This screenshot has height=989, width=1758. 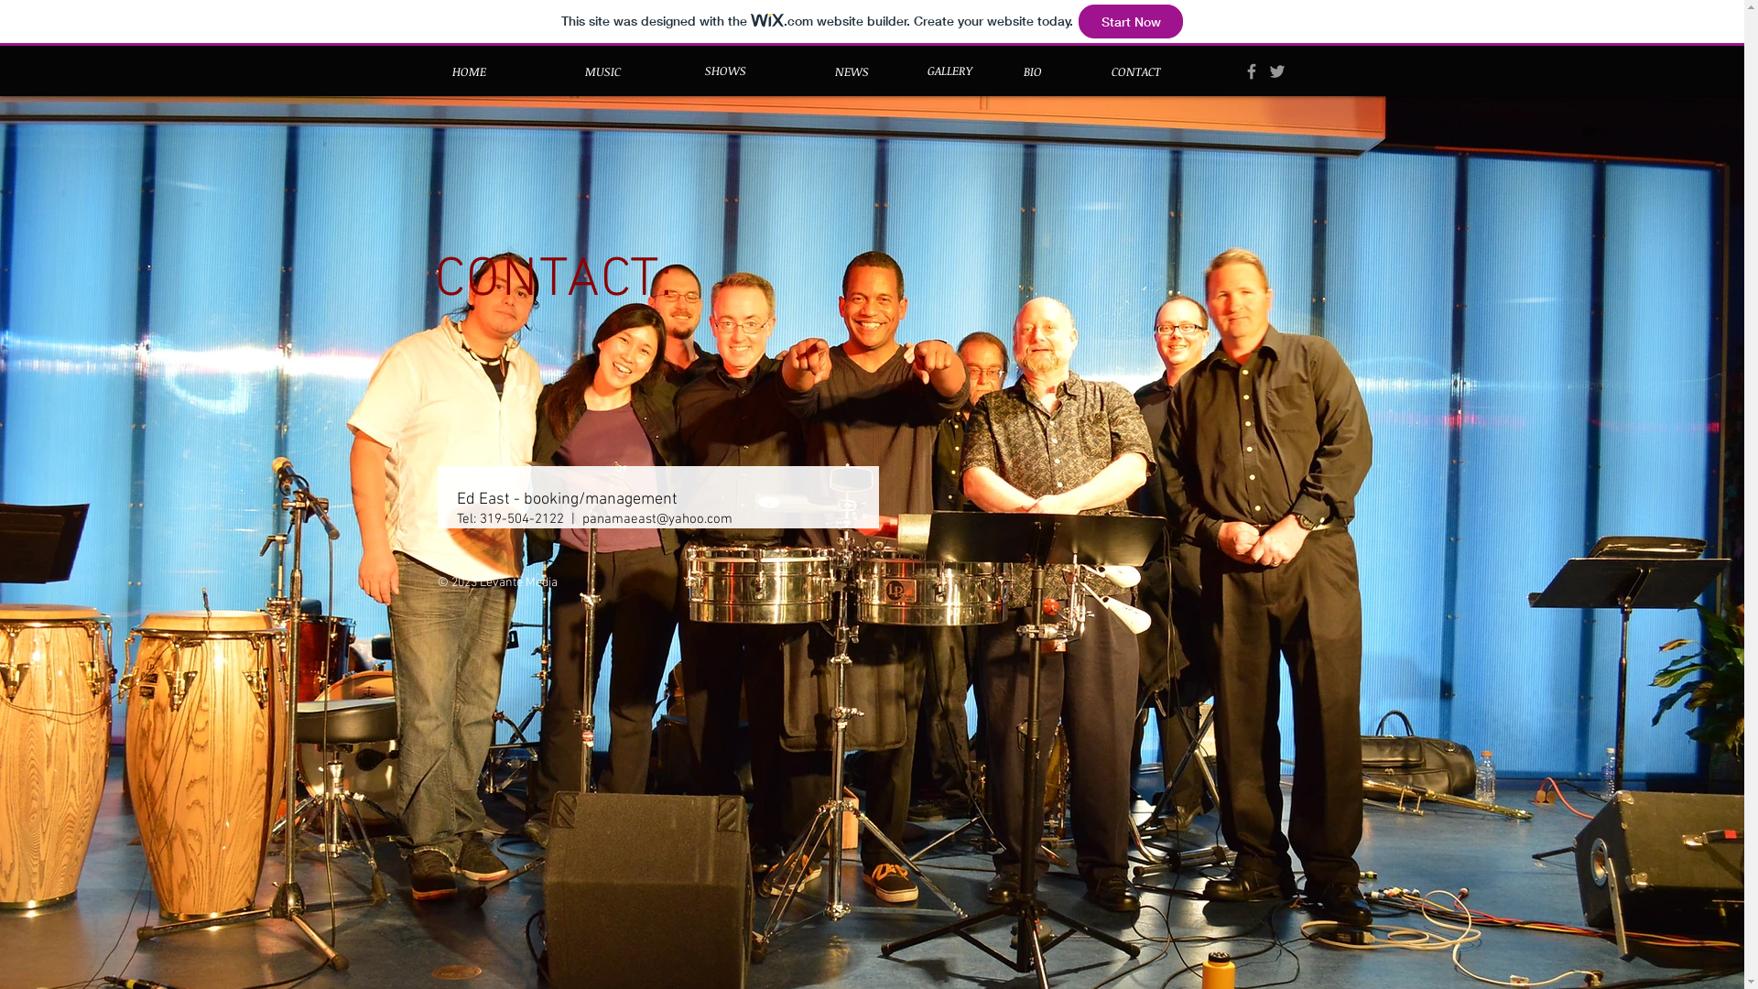 What do you see at coordinates (1134, 70) in the screenshot?
I see `'CONTACT'` at bounding box center [1134, 70].